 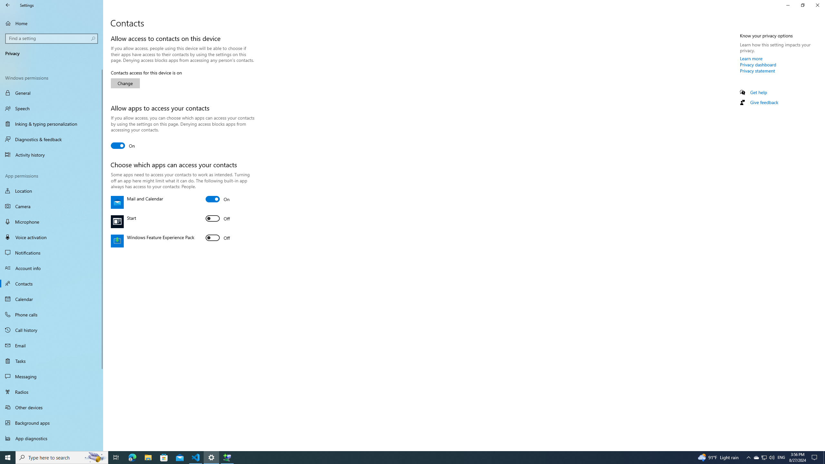 What do you see at coordinates (51, 139) in the screenshot?
I see `'Diagnostics & feedback'` at bounding box center [51, 139].